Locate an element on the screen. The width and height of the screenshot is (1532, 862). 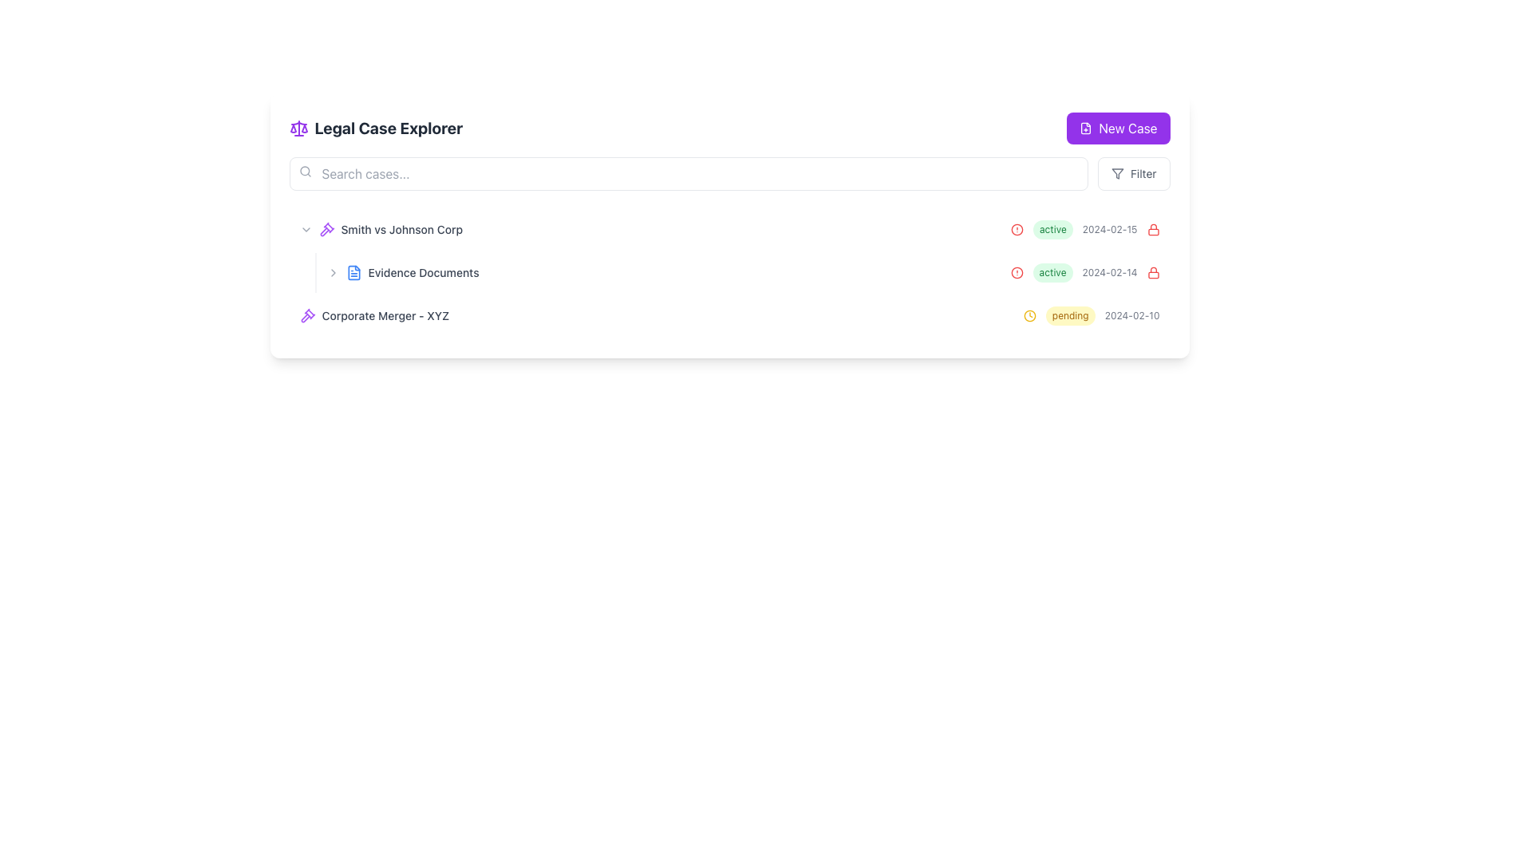
the Decorative SVG icon representing a filter located in the top-right section of the interface, adjacent to the 'Filter' text label is located at coordinates (1117, 174).